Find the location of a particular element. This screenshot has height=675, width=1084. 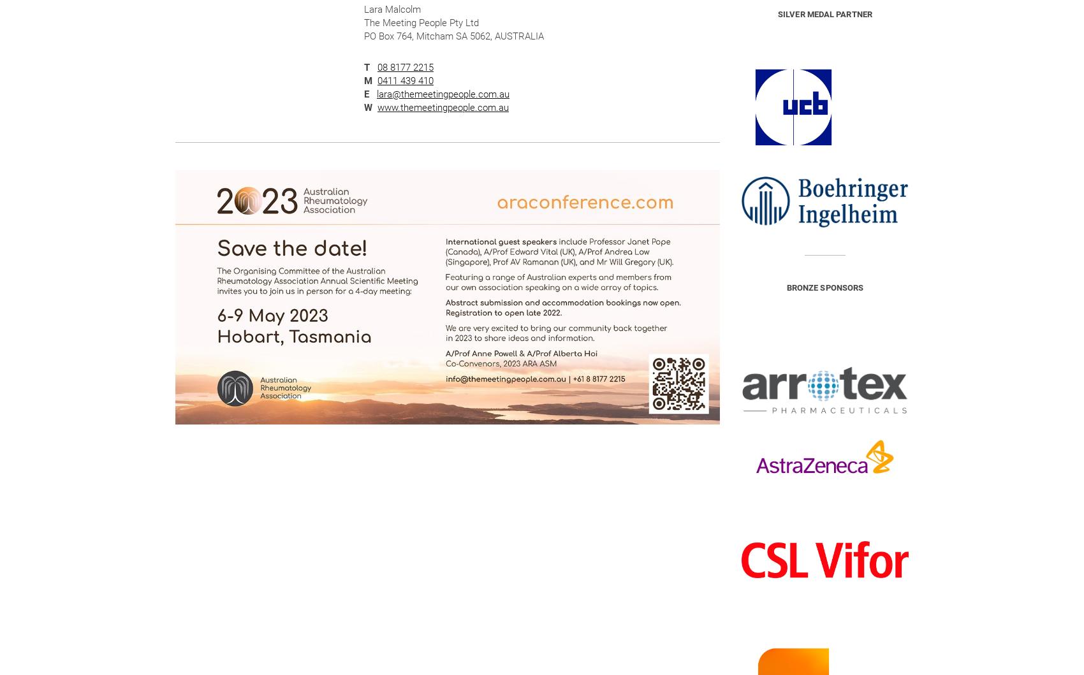

'lara@themeetingpeople.com.au' is located at coordinates (442, 94).